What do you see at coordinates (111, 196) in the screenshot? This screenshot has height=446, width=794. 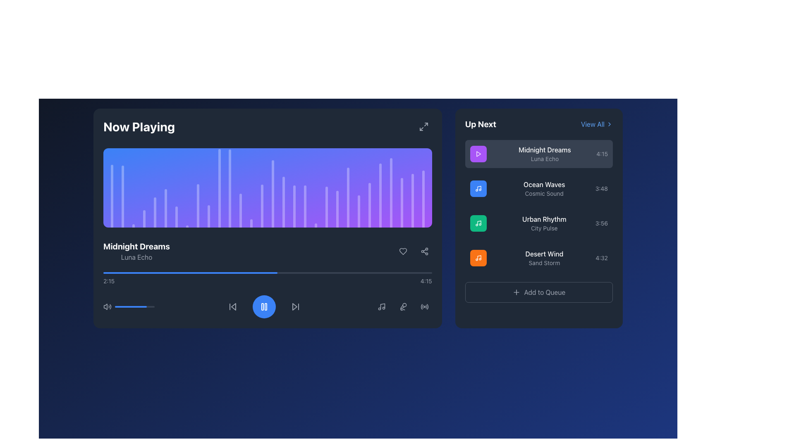 I see `the first vertical bar in the bar chart, which has a rounded top and a semi-transparent white appearance, located in the gradient blue and purple section` at bounding box center [111, 196].